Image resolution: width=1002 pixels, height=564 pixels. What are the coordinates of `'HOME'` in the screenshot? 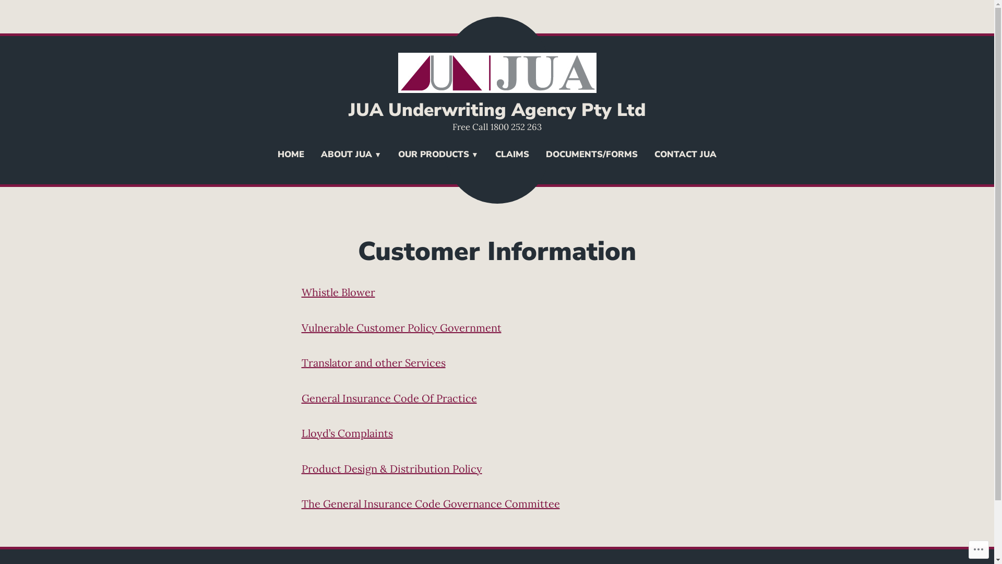 It's located at (291, 155).